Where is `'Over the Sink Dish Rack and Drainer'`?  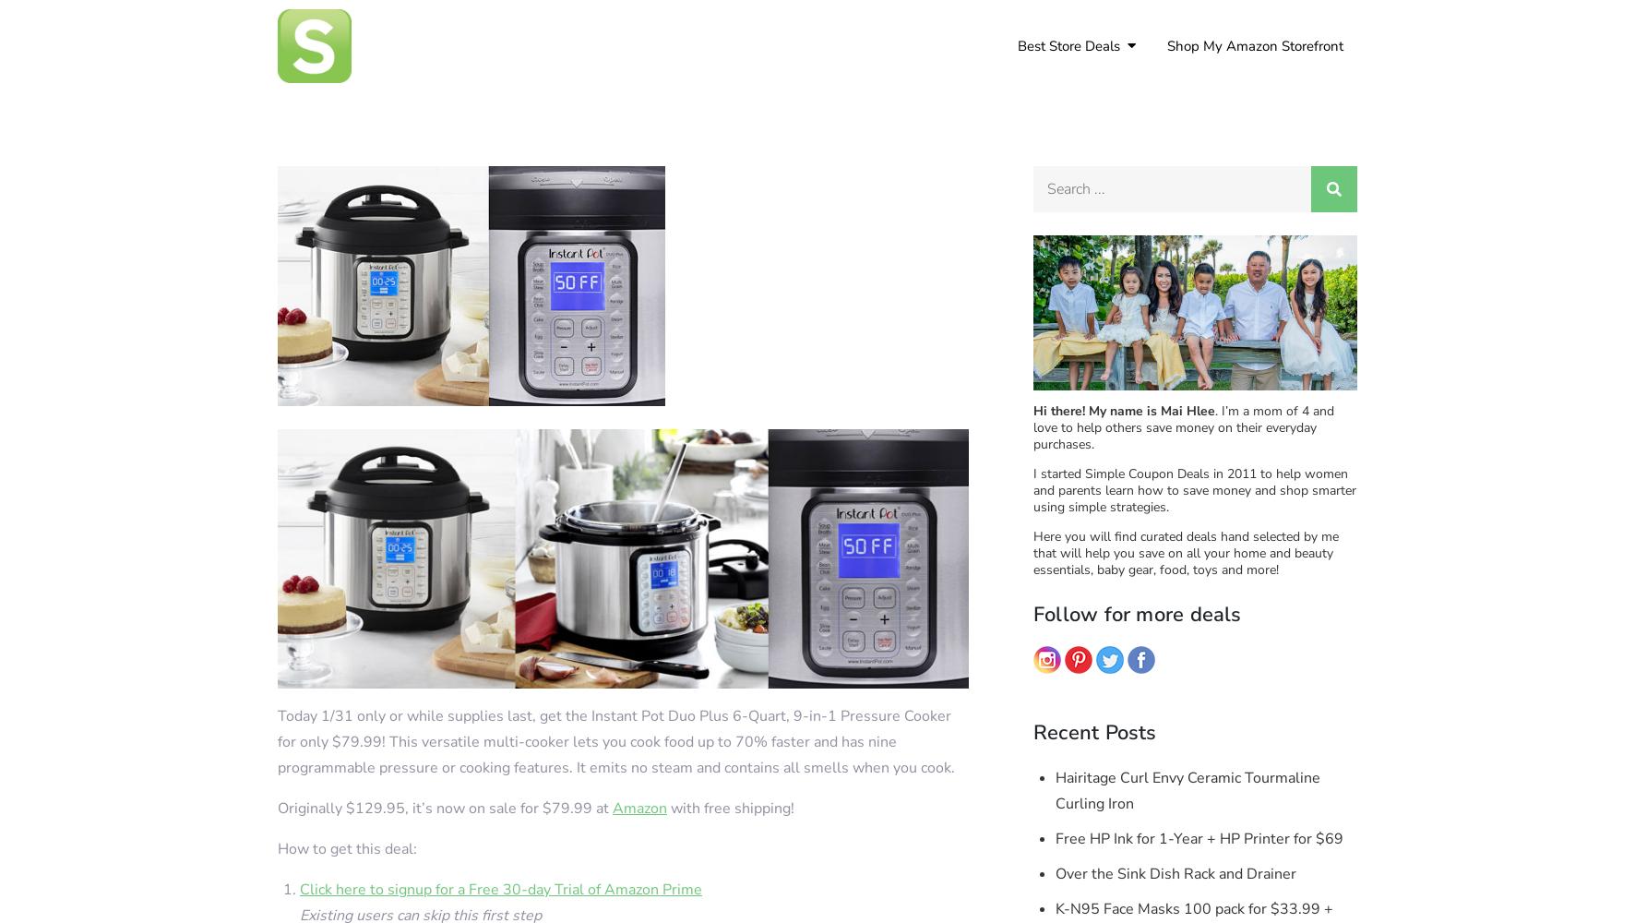
'Over the Sink Dish Rack and Drainer' is located at coordinates (1176, 873).